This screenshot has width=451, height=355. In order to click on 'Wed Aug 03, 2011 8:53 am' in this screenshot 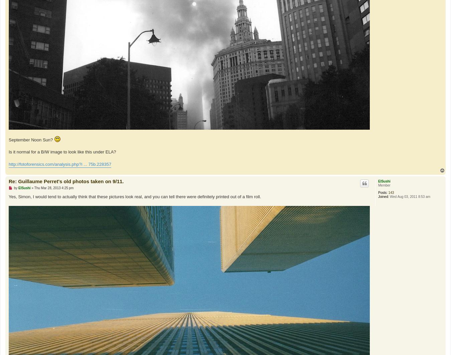, I will do `click(388, 196)`.